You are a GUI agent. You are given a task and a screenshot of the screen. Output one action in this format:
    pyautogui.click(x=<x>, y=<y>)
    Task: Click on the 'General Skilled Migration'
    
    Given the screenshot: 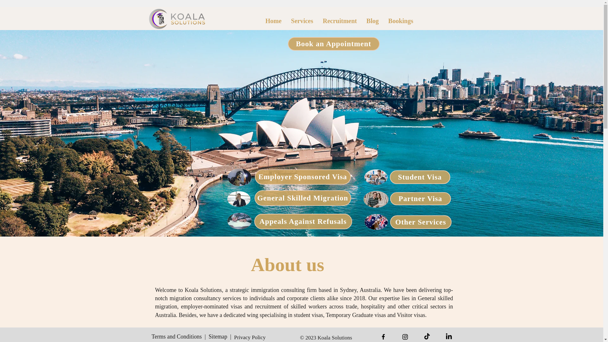 What is the action you would take?
    pyautogui.click(x=302, y=198)
    